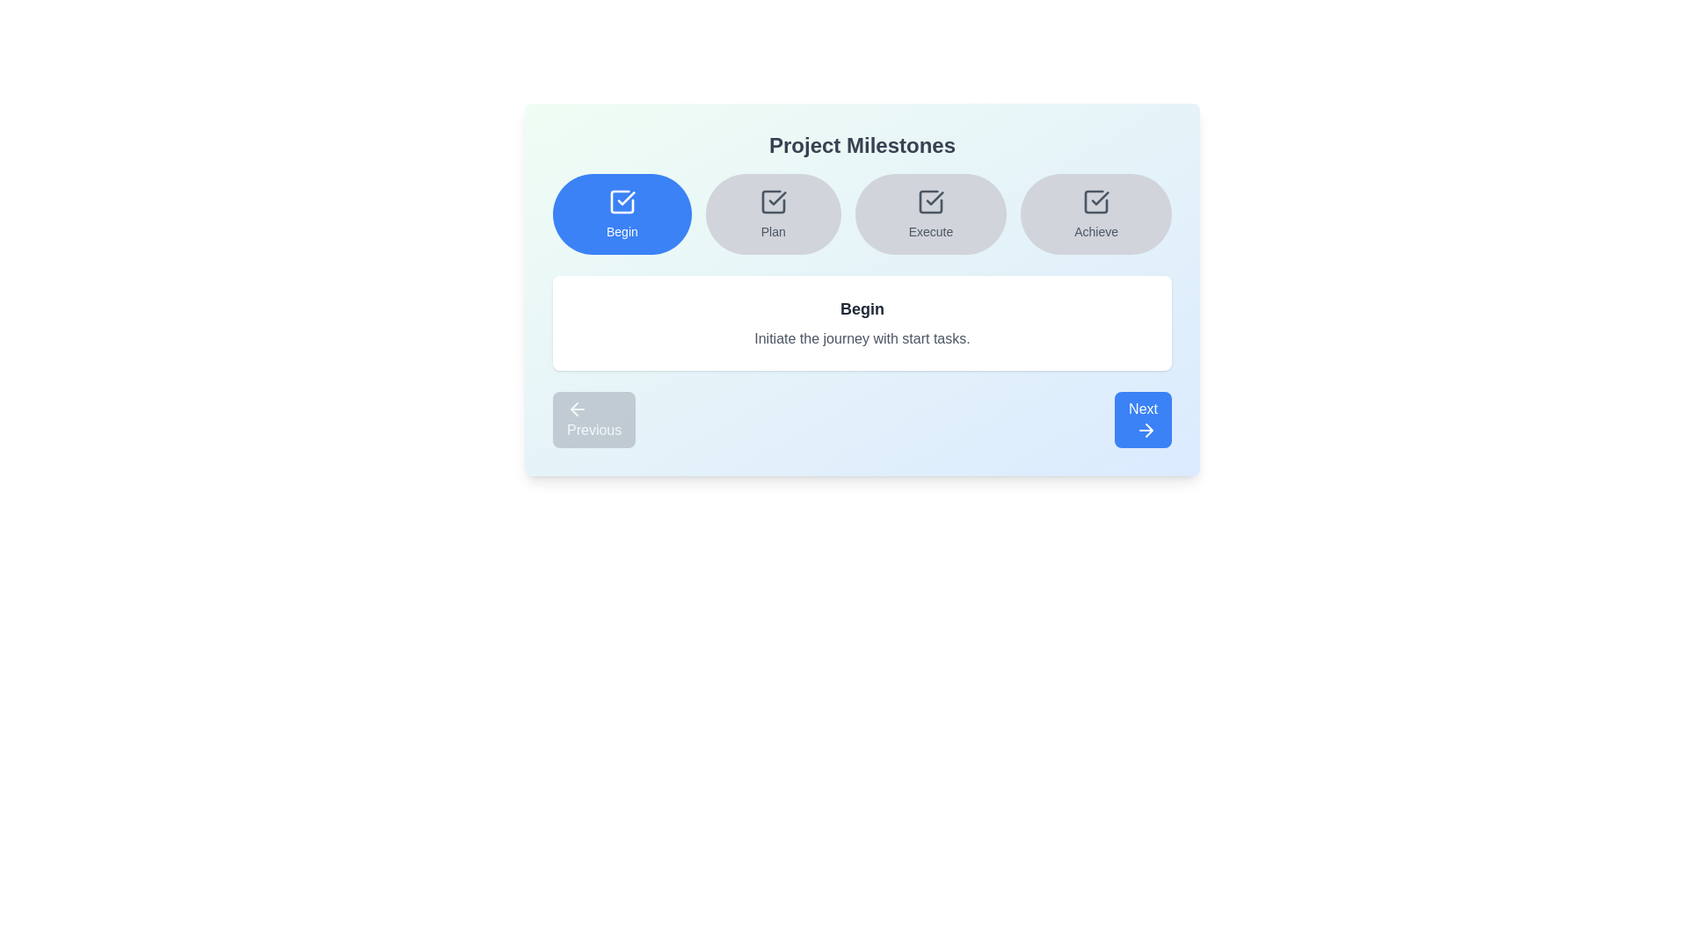 The height and width of the screenshot is (949, 1688). What do you see at coordinates (934, 198) in the screenshot?
I see `the milestone status icon indicating 'Execute', located in the third position of a horizontal series of four buttons` at bounding box center [934, 198].